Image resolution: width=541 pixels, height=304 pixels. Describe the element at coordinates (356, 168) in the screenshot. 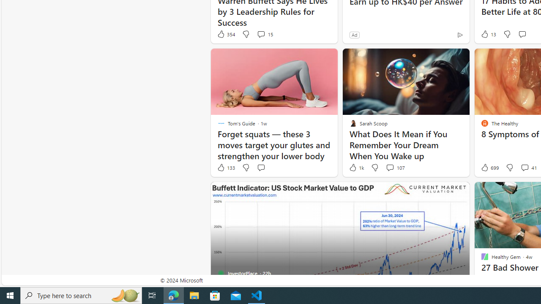

I see `'1k Like'` at that location.